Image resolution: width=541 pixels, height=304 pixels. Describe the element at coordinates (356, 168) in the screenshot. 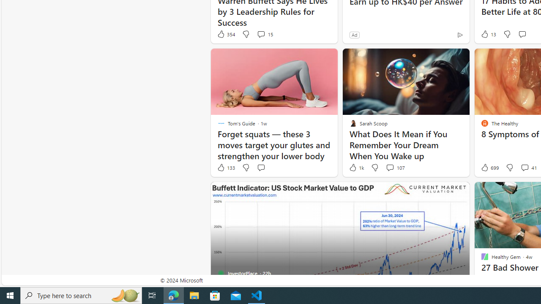

I see `'1k Like'` at that location.